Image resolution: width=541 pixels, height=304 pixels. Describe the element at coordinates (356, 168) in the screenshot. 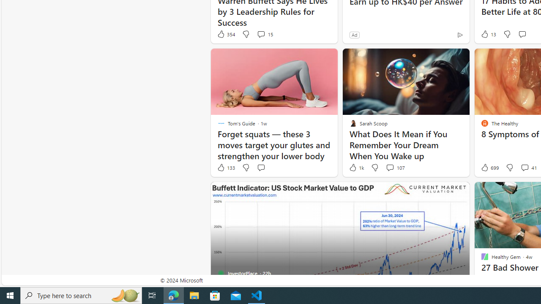

I see `'1k Like'` at that location.